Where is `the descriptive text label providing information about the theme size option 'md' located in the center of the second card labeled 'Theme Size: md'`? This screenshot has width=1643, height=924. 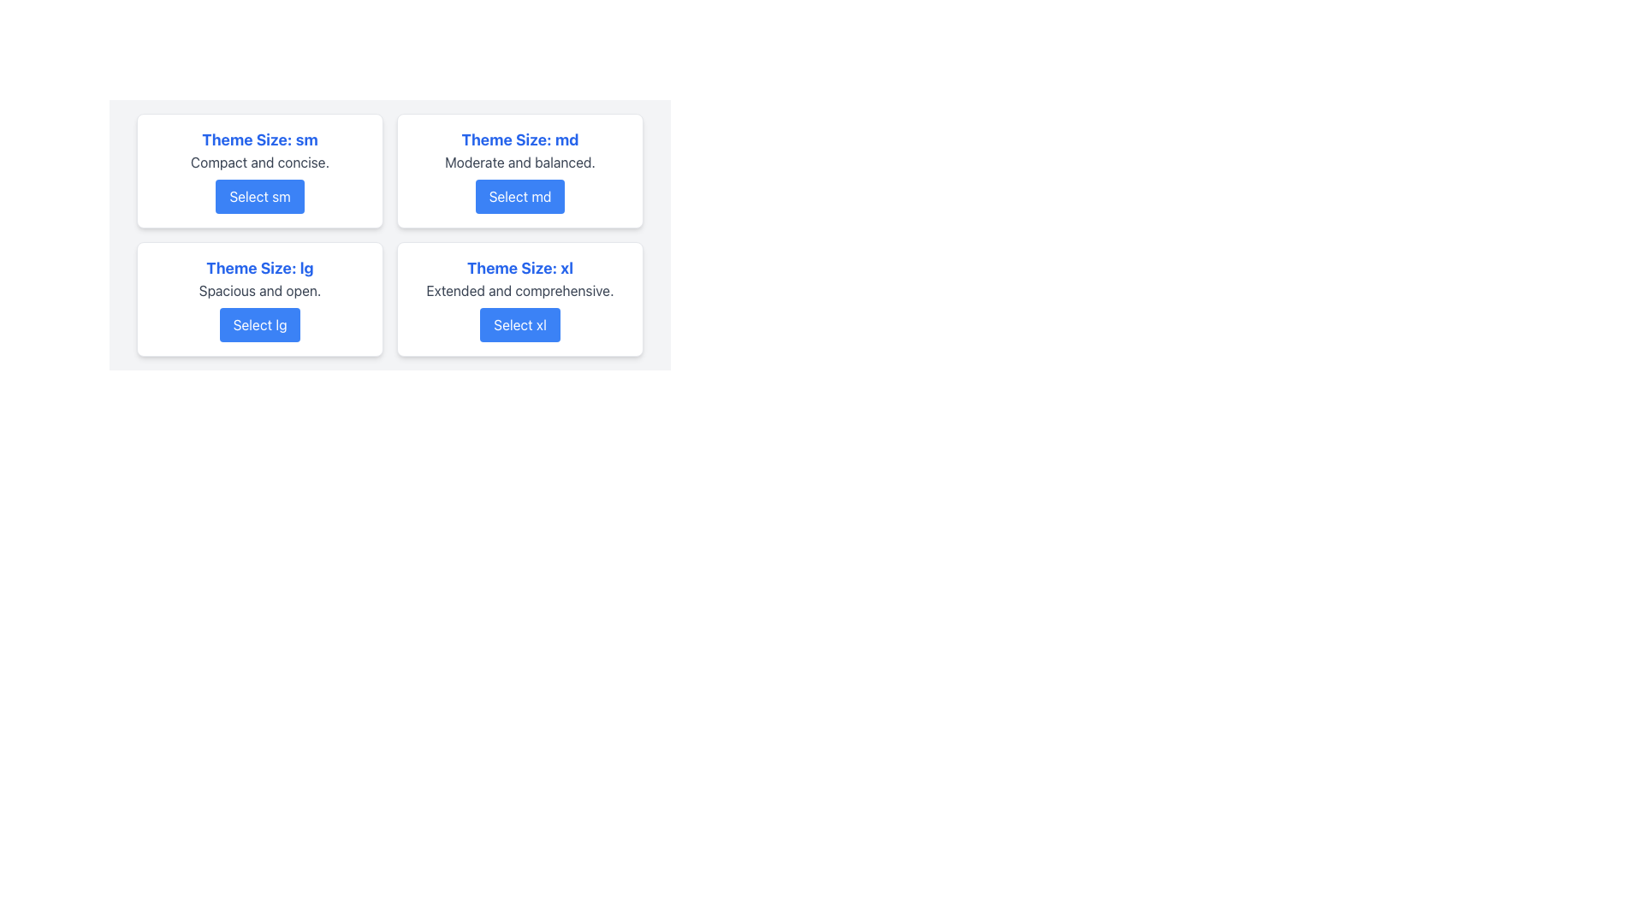
the descriptive text label providing information about the theme size option 'md' located in the center of the second card labeled 'Theme Size: md' is located at coordinates (519, 162).